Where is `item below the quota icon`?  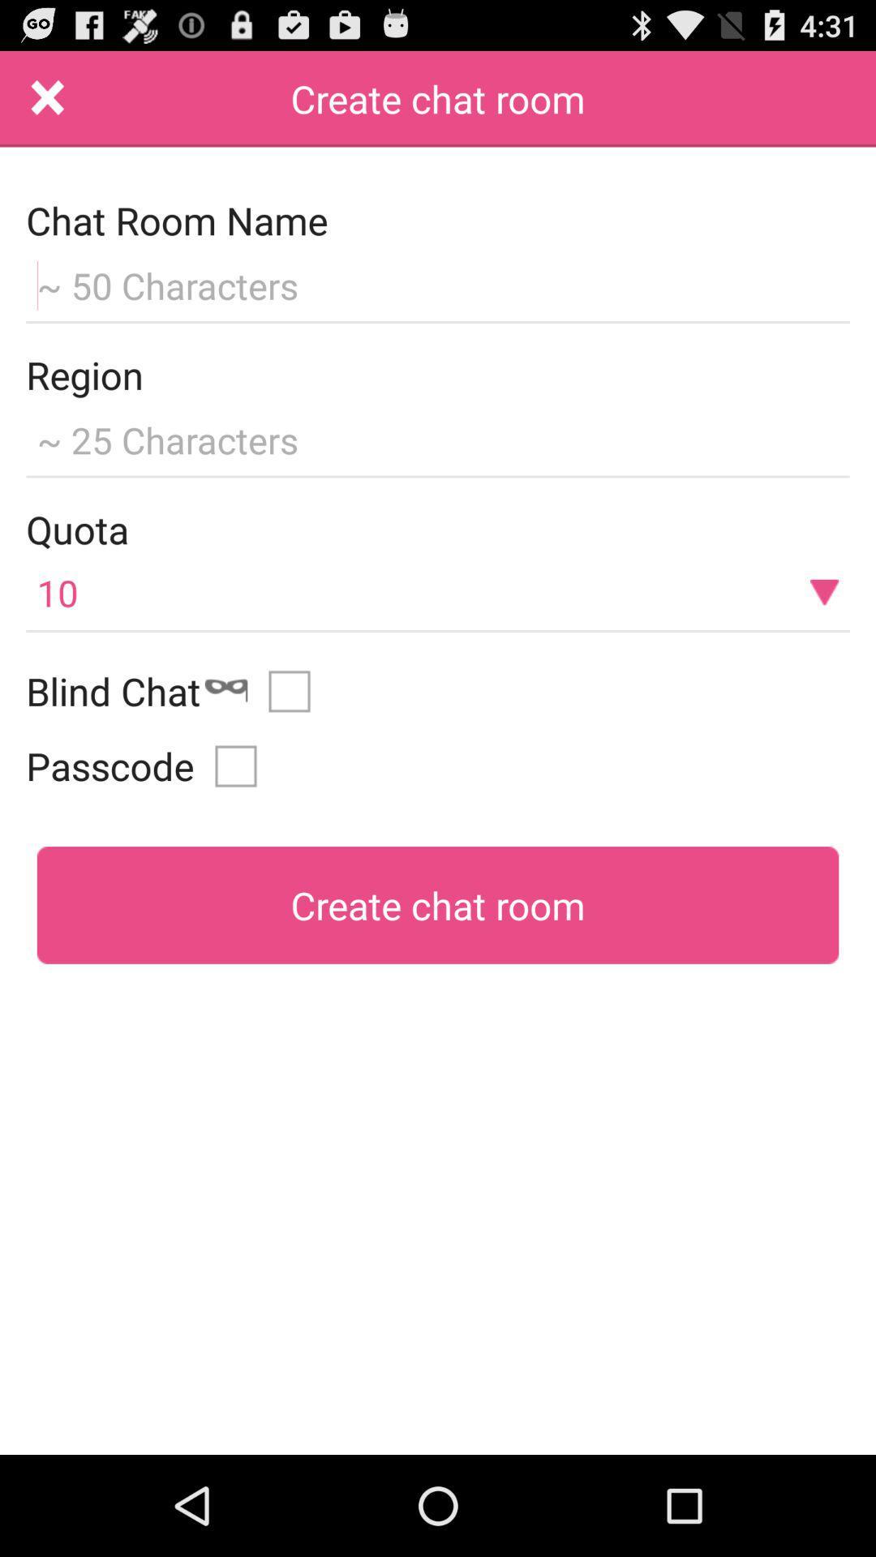 item below the quota icon is located at coordinates (438, 591).